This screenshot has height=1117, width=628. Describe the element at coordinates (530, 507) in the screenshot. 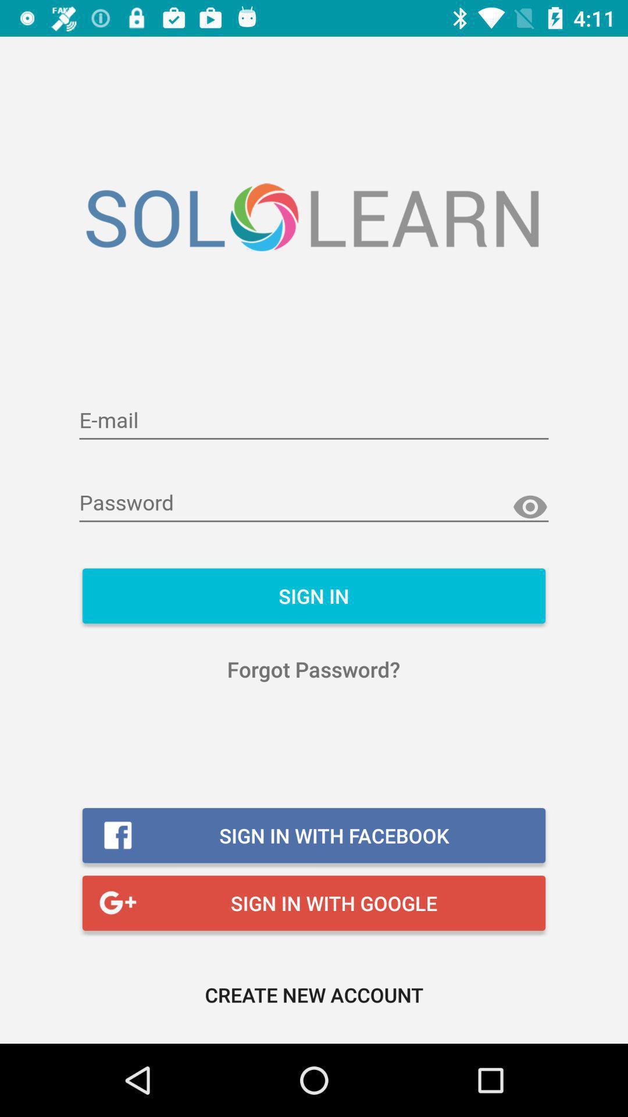

I see `show password` at that location.